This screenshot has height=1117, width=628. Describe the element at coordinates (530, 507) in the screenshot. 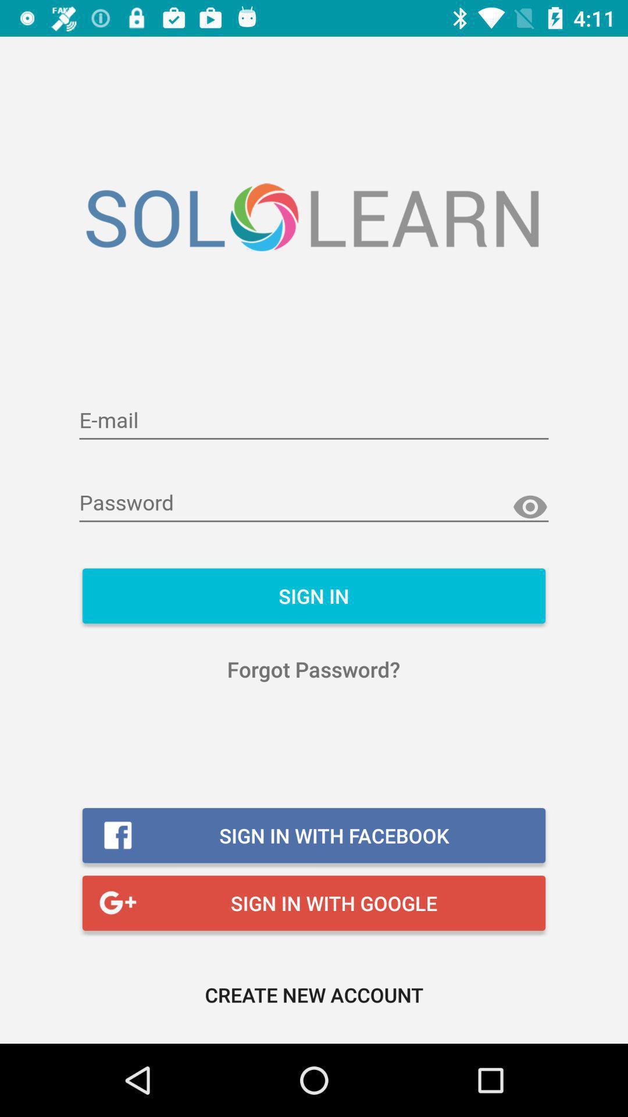

I see `show password` at that location.